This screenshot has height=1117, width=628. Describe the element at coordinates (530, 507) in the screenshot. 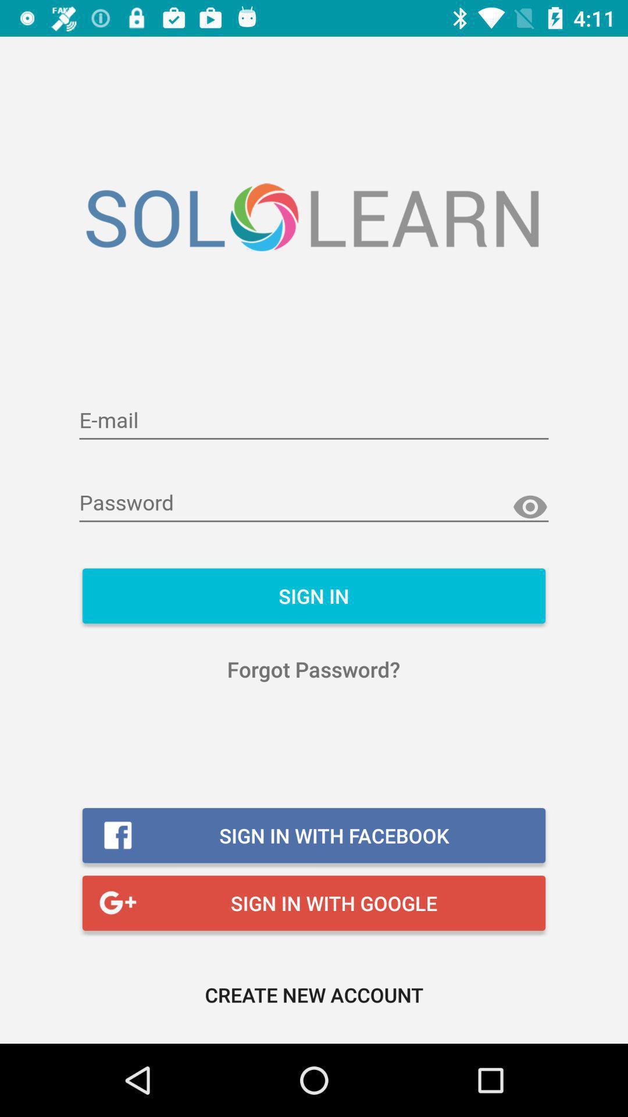

I see `show password` at that location.